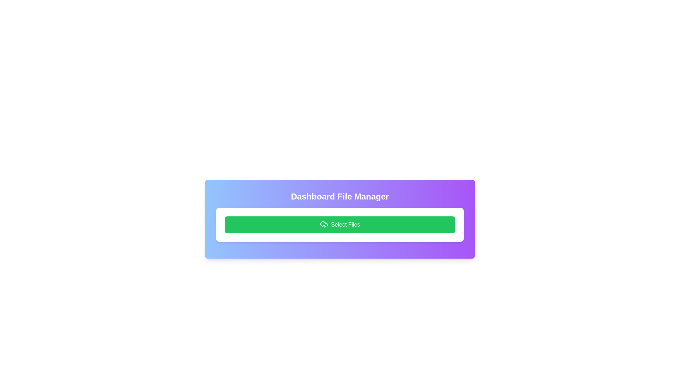 The image size is (675, 380). I want to click on the interactive button for file upload located centrally below the 'Dashboard File Manager' title, so click(340, 219).